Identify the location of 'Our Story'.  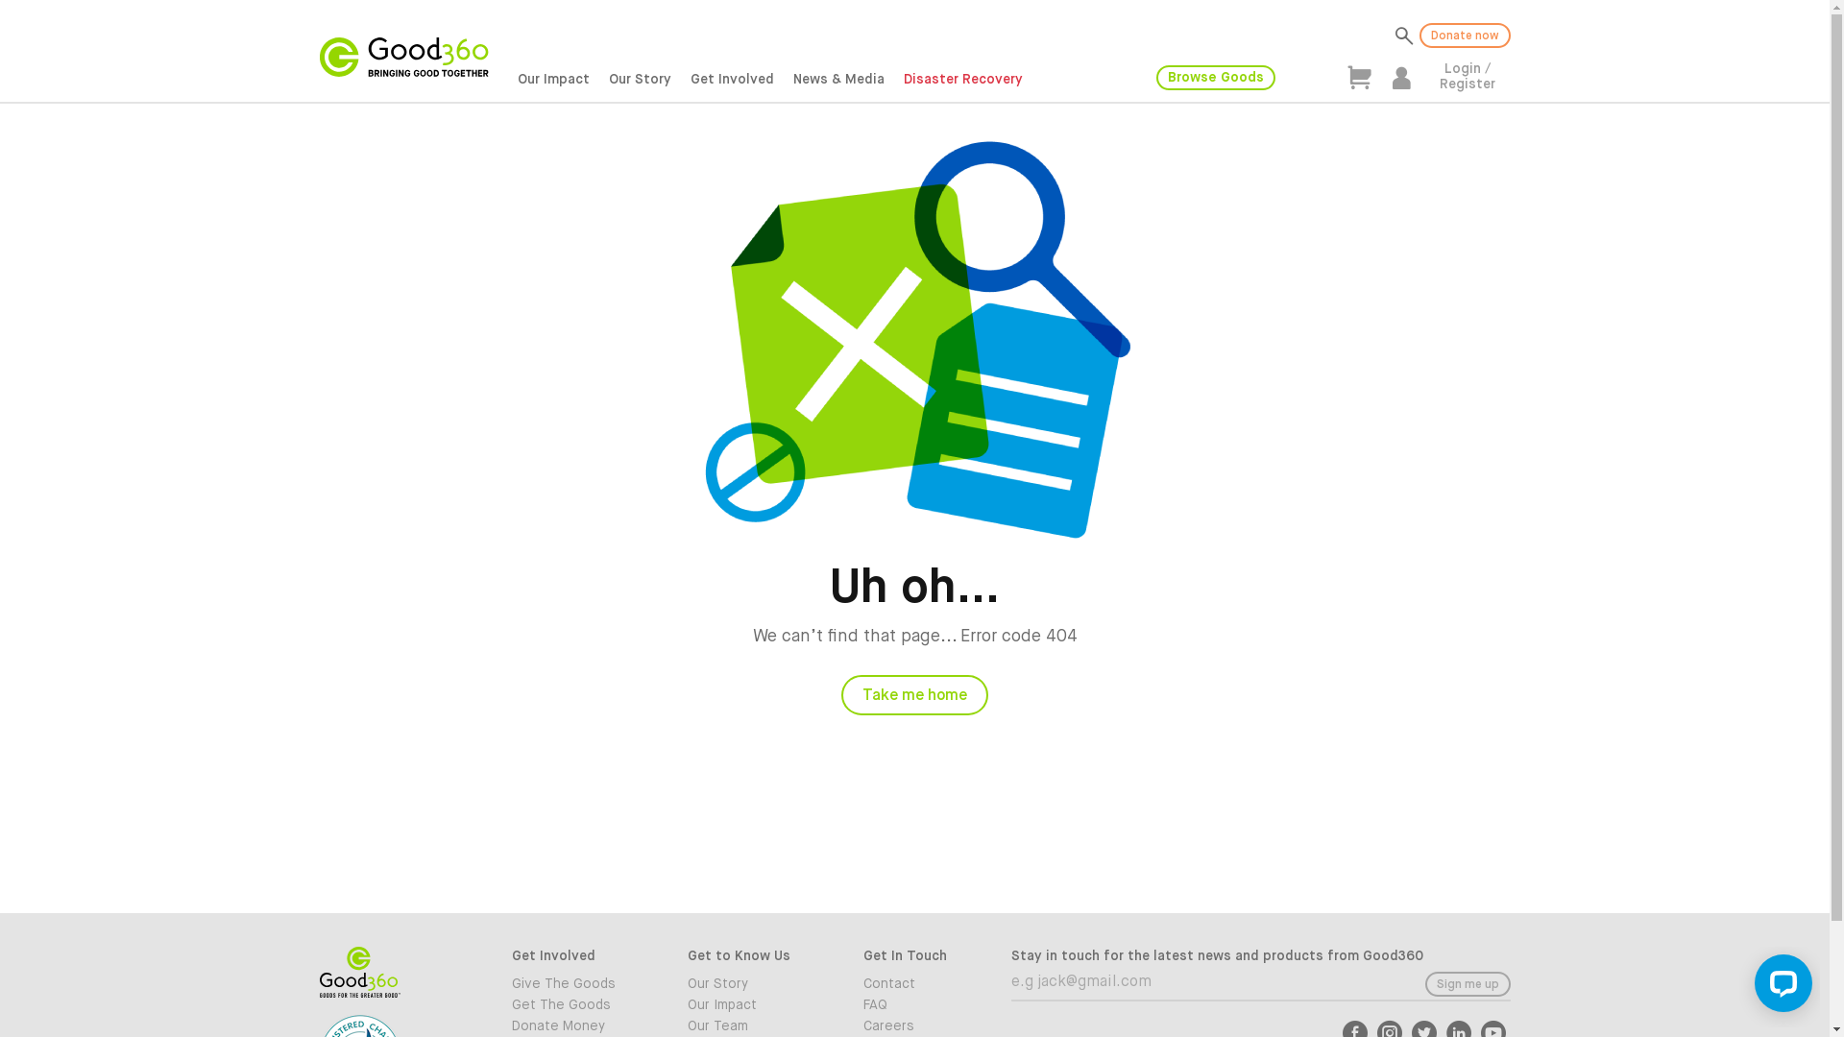
(640, 79).